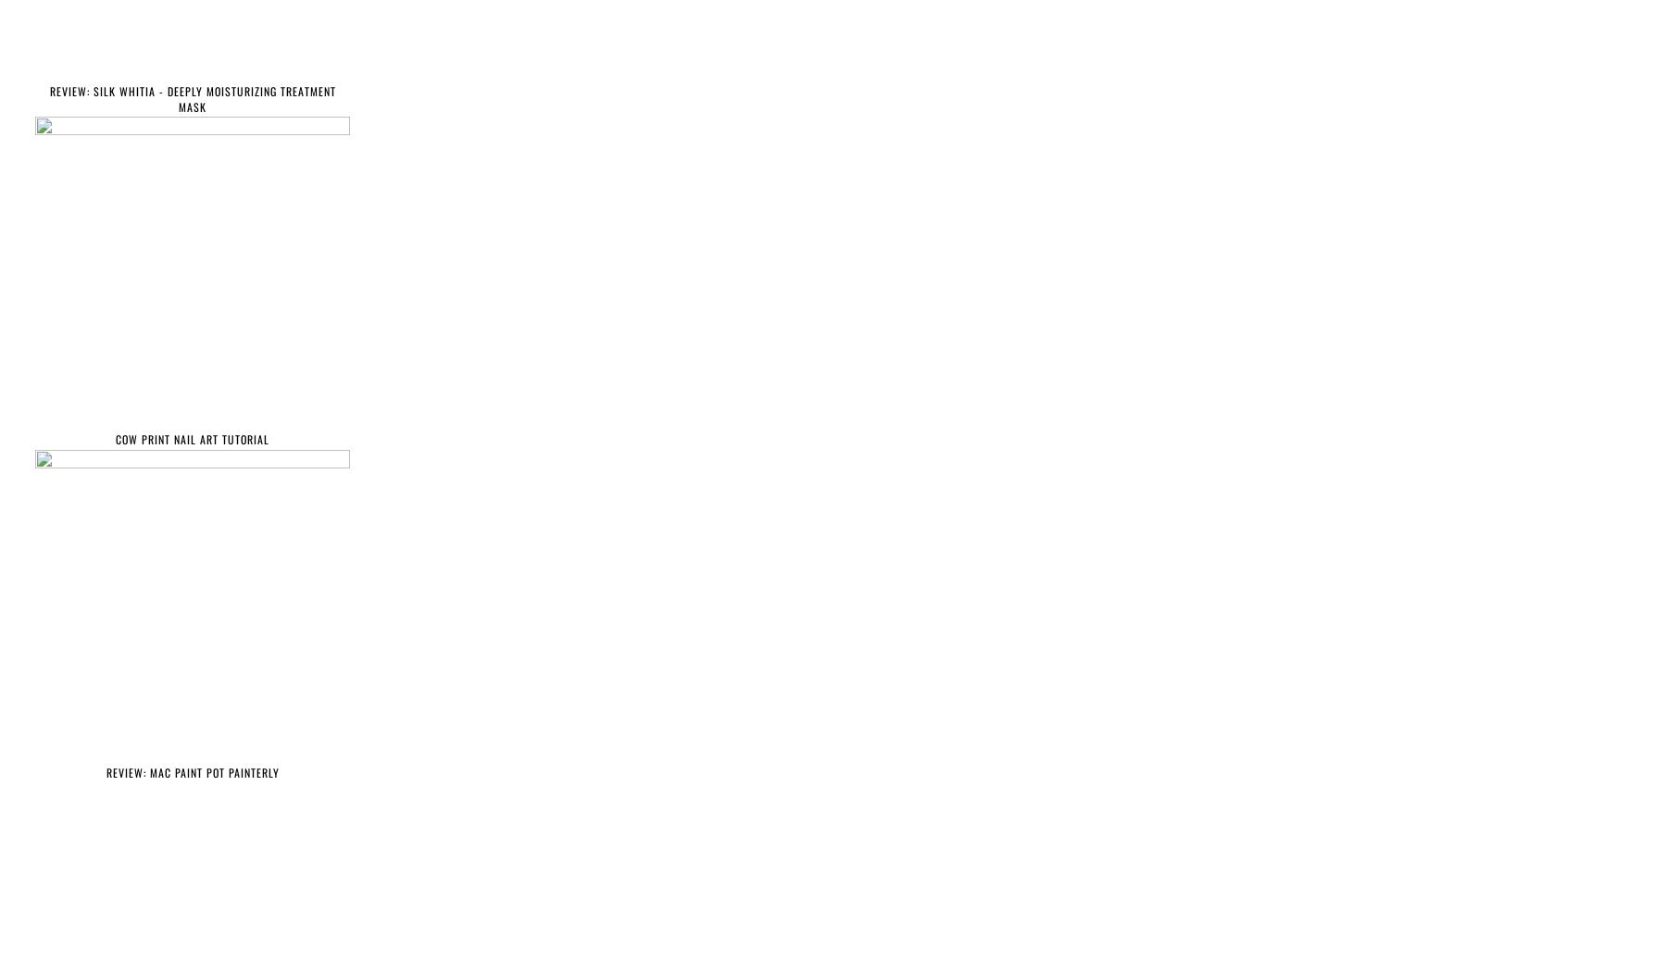 This screenshot has width=1674, height=973. What do you see at coordinates (112, 905) in the screenshot?
I see `'KOREAN BEAUTY REVIEWS'` at bounding box center [112, 905].